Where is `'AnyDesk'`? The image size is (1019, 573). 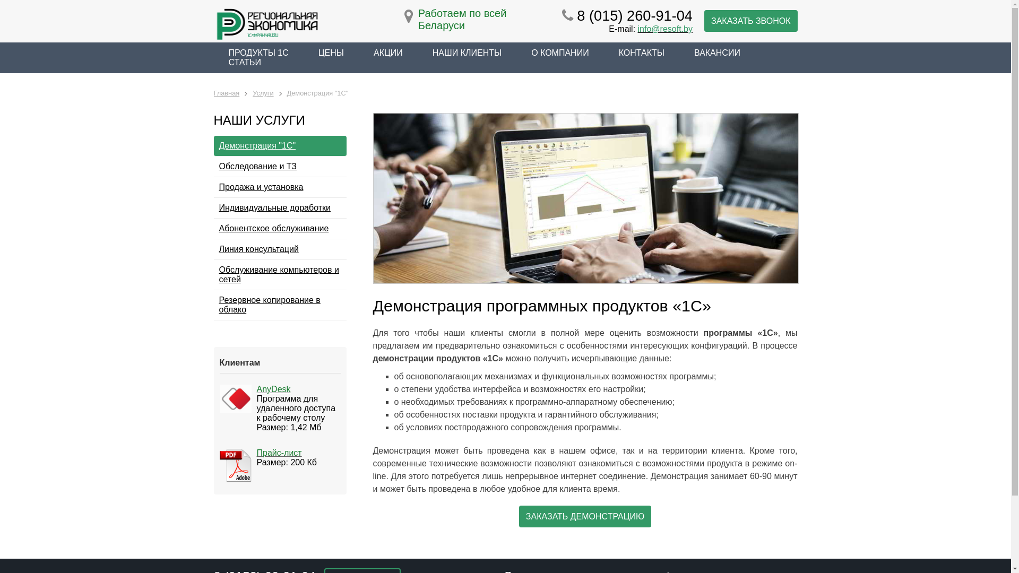 'AnyDesk' is located at coordinates (273, 389).